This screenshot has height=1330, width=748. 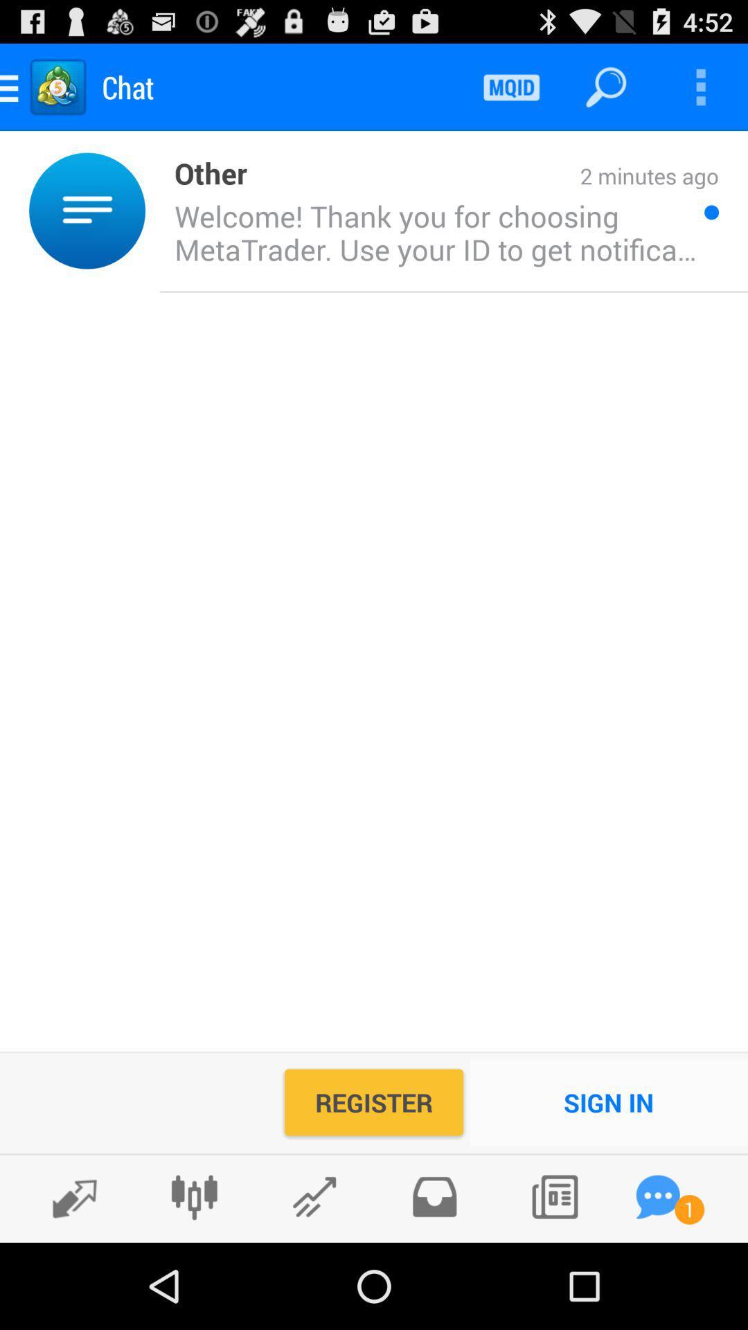 I want to click on item above the welcome thank you, so click(x=203, y=171).